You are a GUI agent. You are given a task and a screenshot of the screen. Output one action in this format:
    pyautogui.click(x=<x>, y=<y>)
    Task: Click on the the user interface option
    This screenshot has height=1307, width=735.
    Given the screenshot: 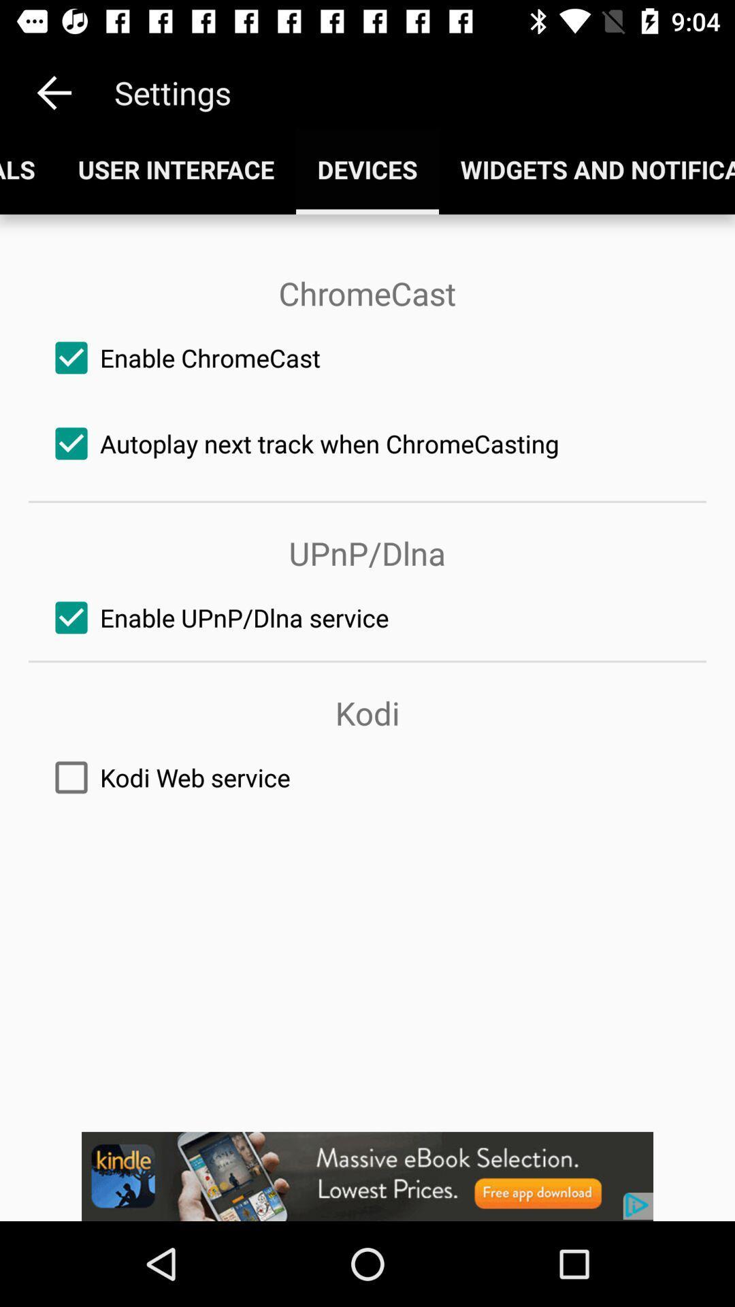 What is the action you would take?
    pyautogui.click(x=175, y=169)
    